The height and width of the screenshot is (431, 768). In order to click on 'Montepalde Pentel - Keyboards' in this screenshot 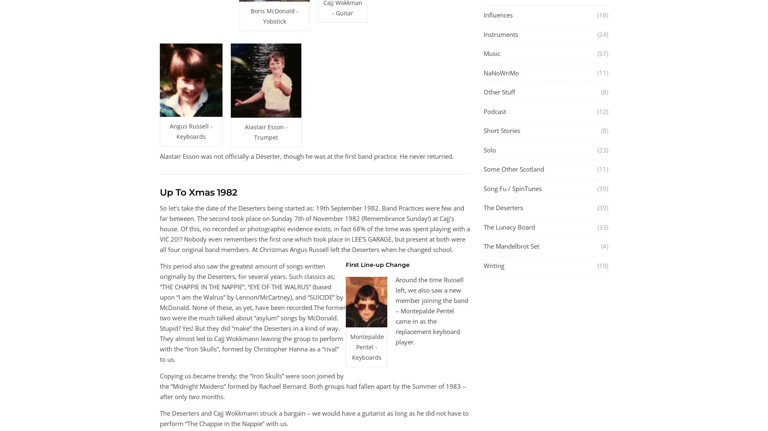, I will do `click(367, 346)`.